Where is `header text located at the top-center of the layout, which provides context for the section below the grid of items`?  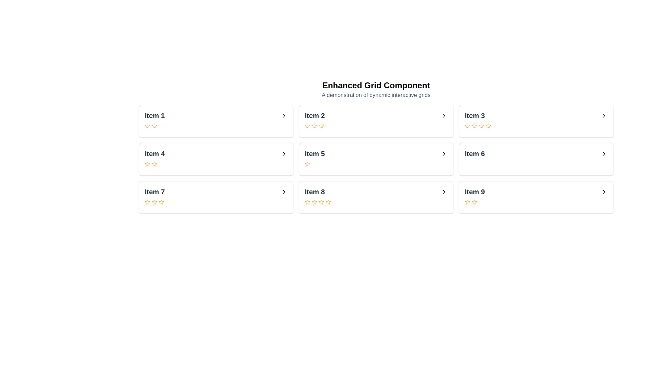
header text located at the top-center of the layout, which provides context for the section below the grid of items is located at coordinates (375, 89).